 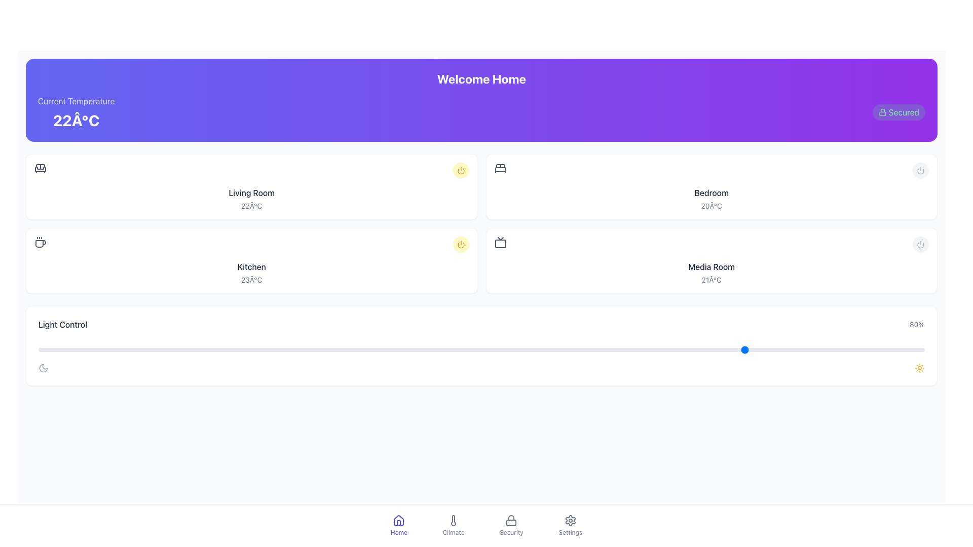 What do you see at coordinates (453, 532) in the screenshot?
I see `the text label 'Climate' located in the bottom navigation bar, which is styled in gray and positioned below the thermometer icon` at bounding box center [453, 532].